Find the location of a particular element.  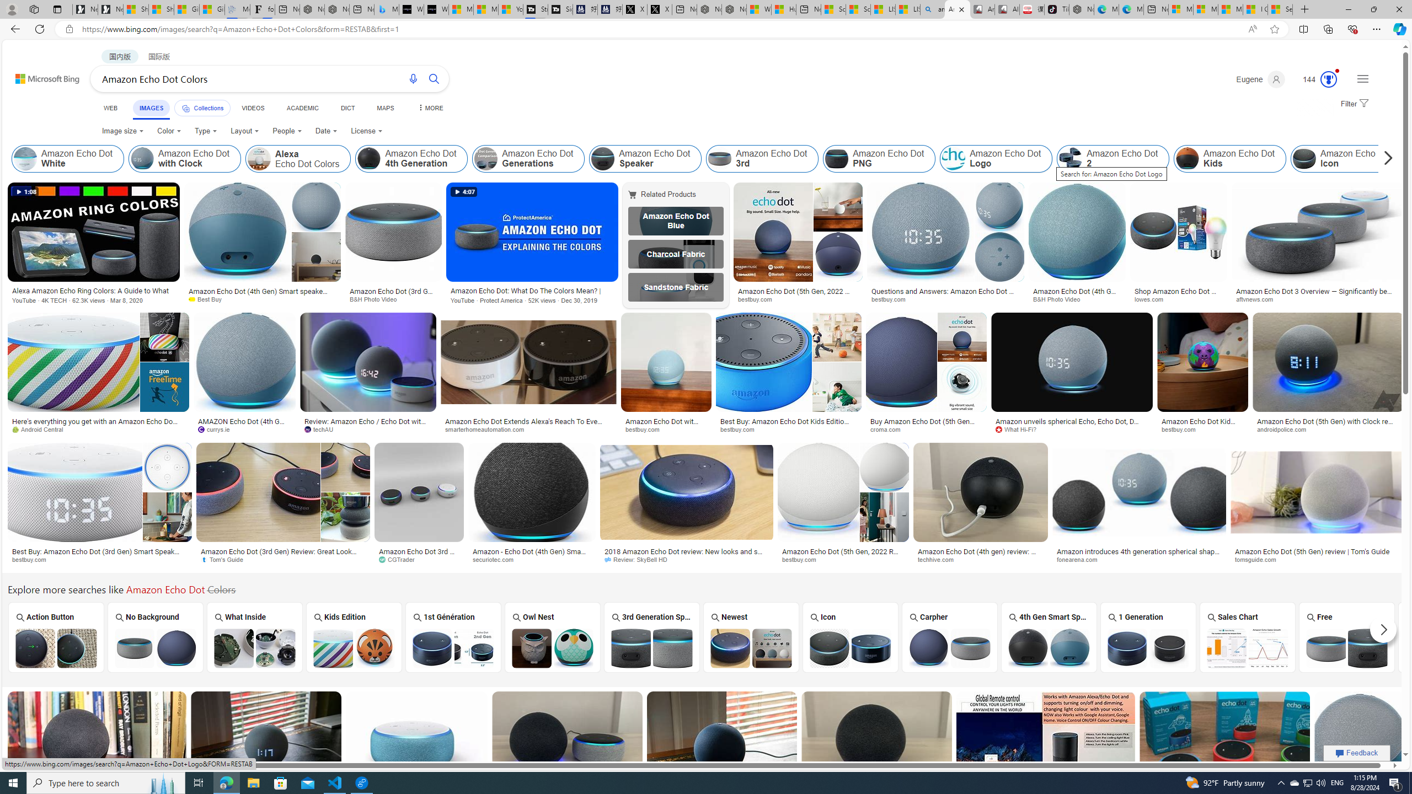

'Eugene' is located at coordinates (1259, 79).